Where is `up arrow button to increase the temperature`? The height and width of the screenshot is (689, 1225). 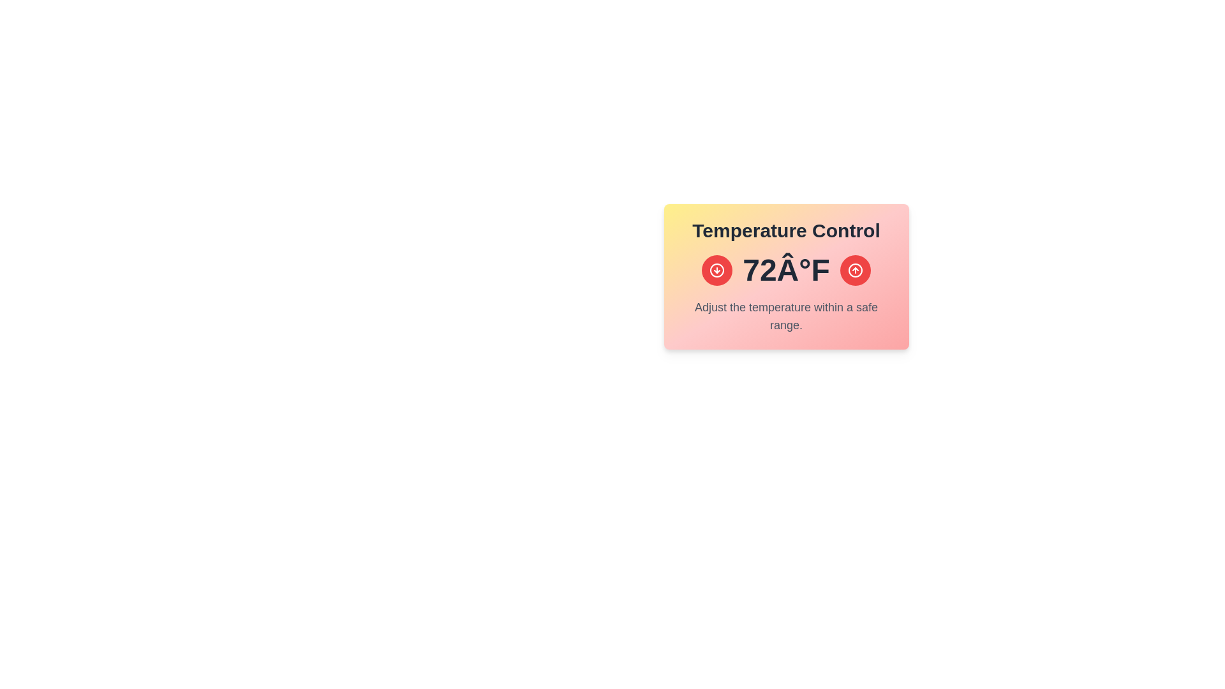
up arrow button to increase the temperature is located at coordinates (855, 270).